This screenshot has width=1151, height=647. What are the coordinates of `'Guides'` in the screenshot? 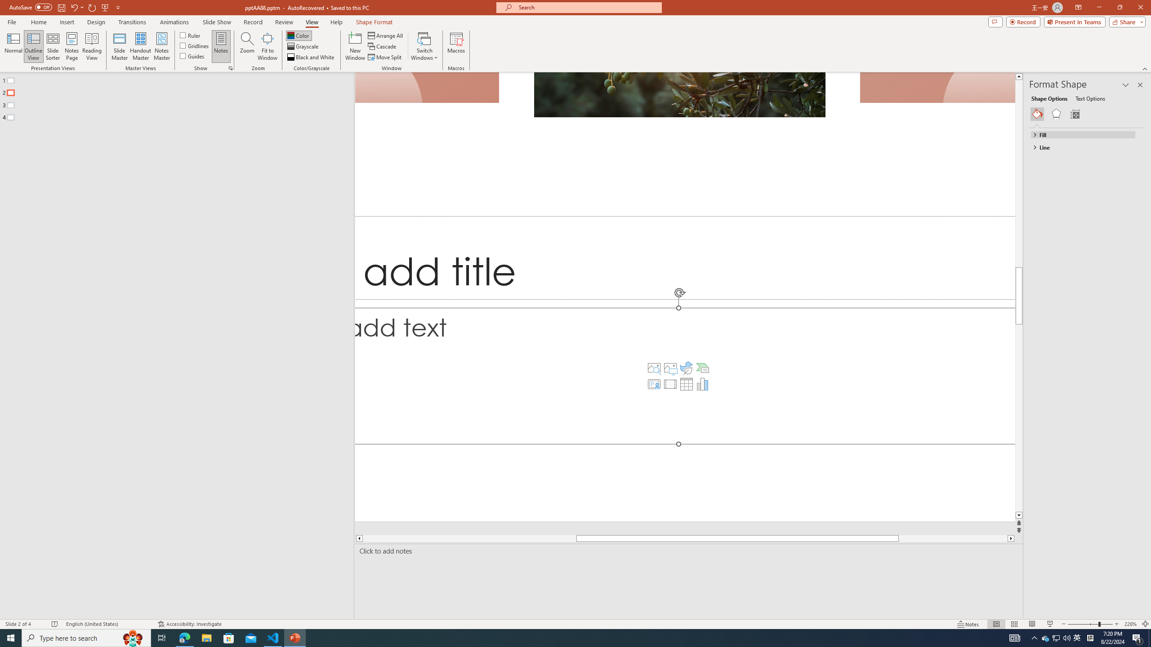 It's located at (192, 55).